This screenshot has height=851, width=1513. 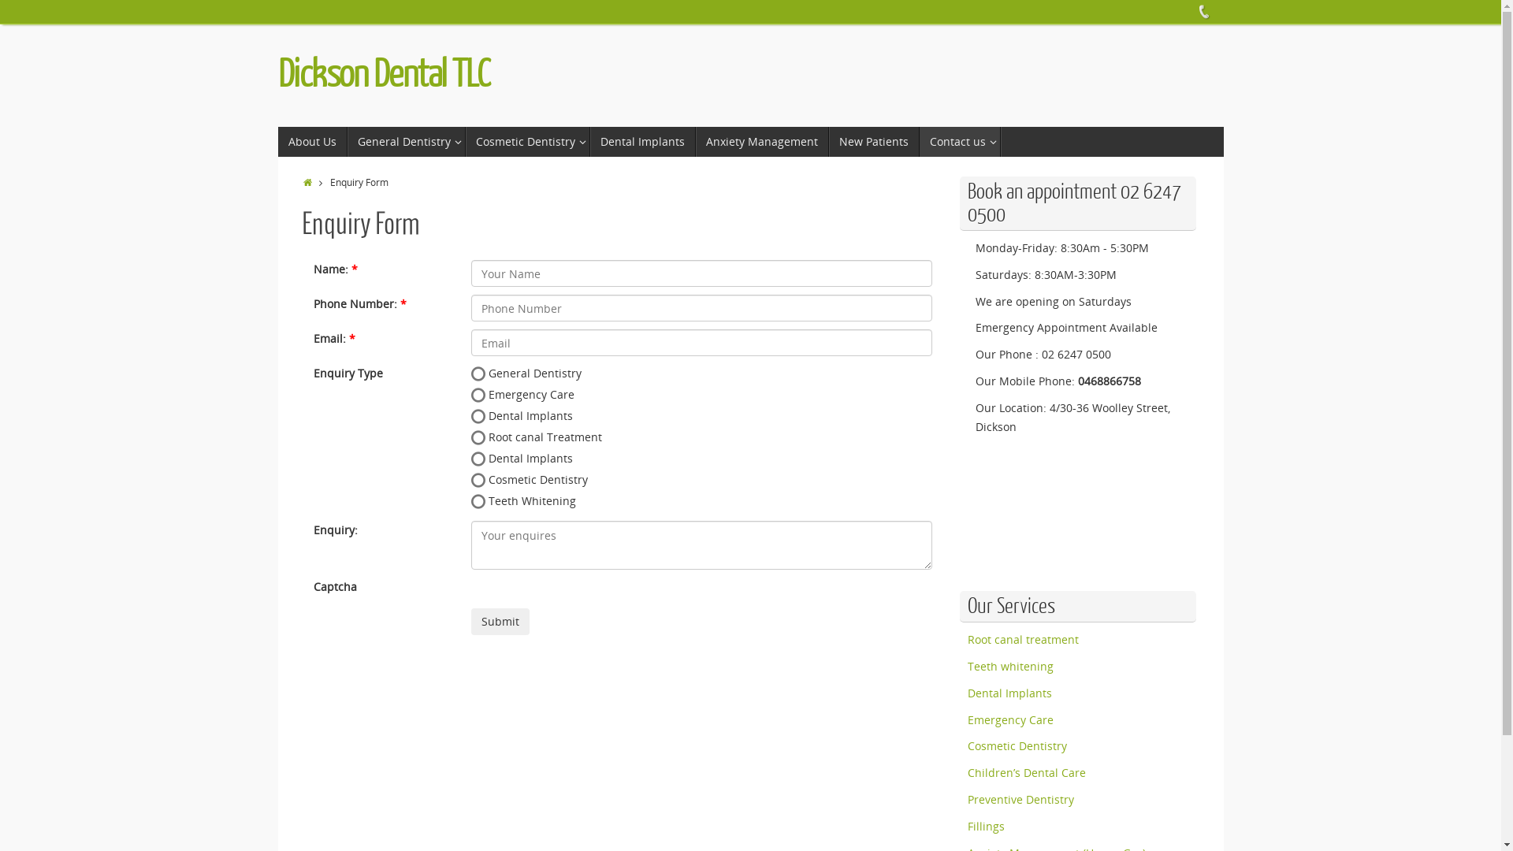 I want to click on 'Fillings', so click(x=967, y=825).